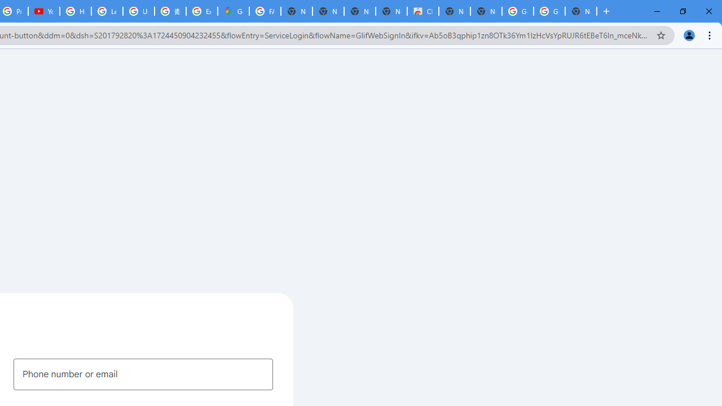 This screenshot has width=722, height=406. What do you see at coordinates (75, 11) in the screenshot?
I see `'How Chrome protects your passwords - Google Chrome Help'` at bounding box center [75, 11].